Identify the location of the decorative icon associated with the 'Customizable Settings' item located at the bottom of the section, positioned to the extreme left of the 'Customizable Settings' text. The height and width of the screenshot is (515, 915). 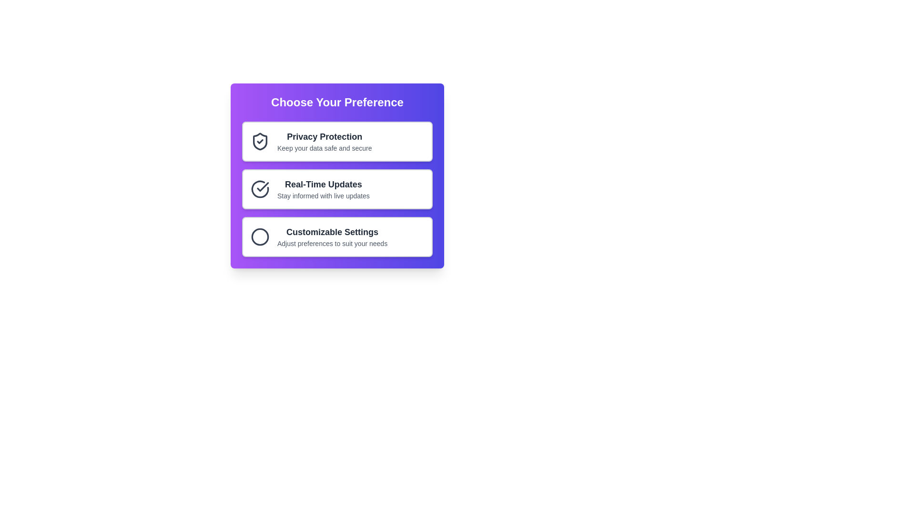
(260, 237).